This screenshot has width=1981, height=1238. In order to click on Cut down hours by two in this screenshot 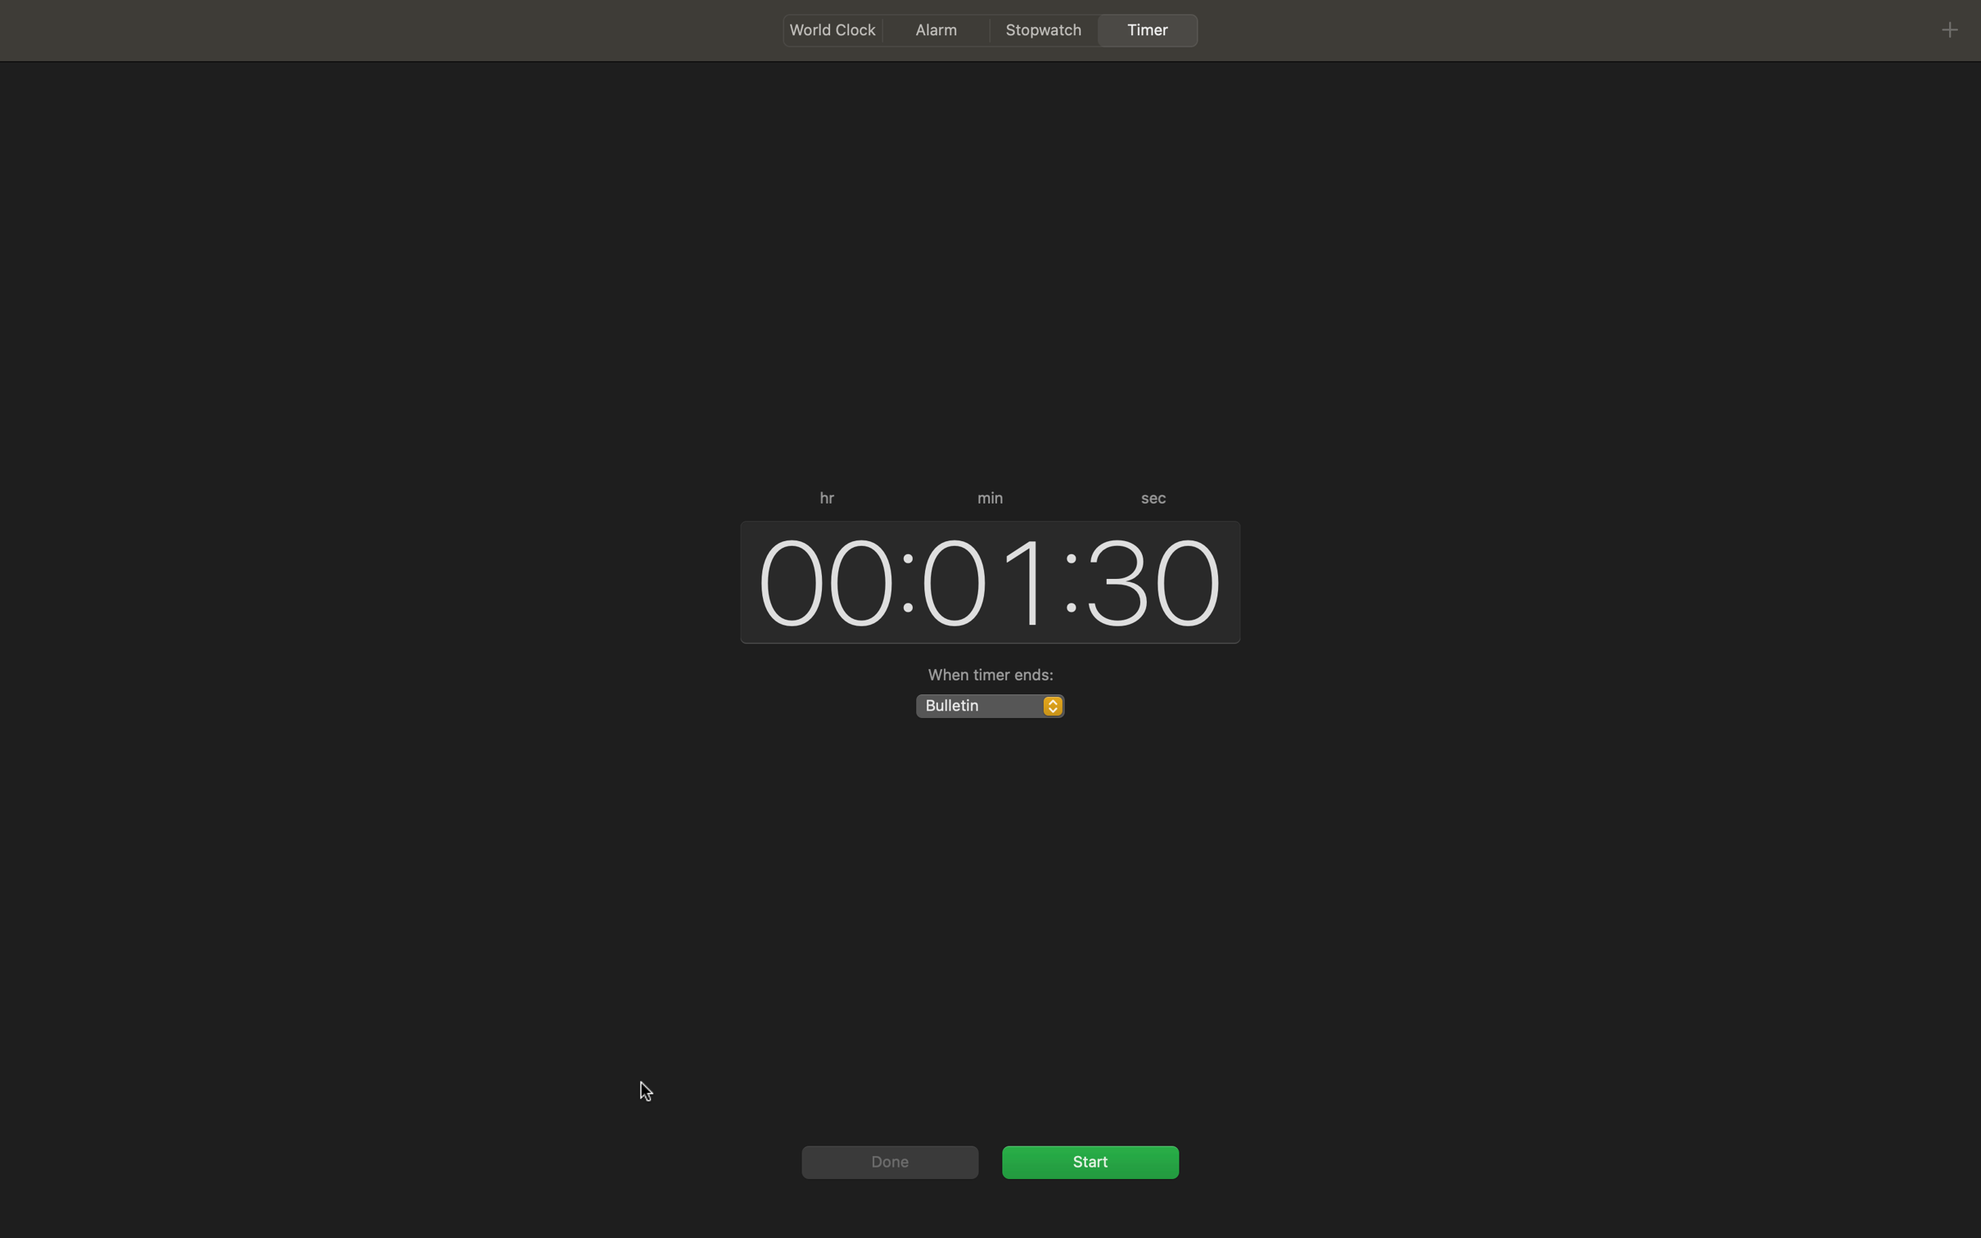, I will do `click(819, 579)`.